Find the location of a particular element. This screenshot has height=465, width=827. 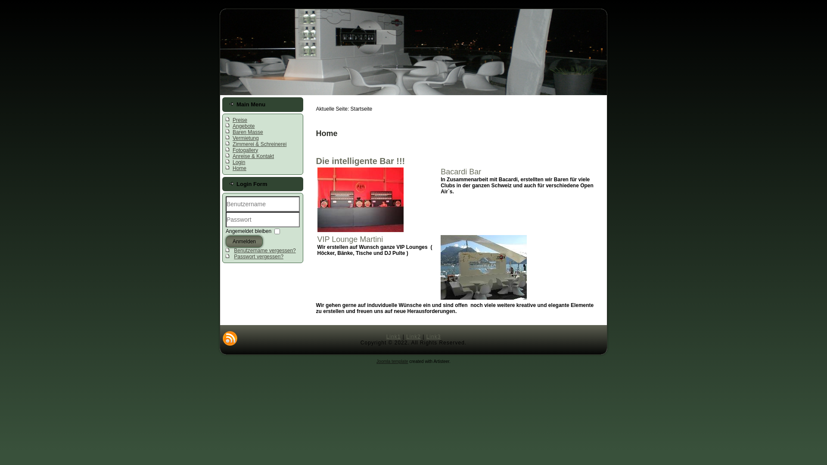

'Link2' is located at coordinates (413, 336).